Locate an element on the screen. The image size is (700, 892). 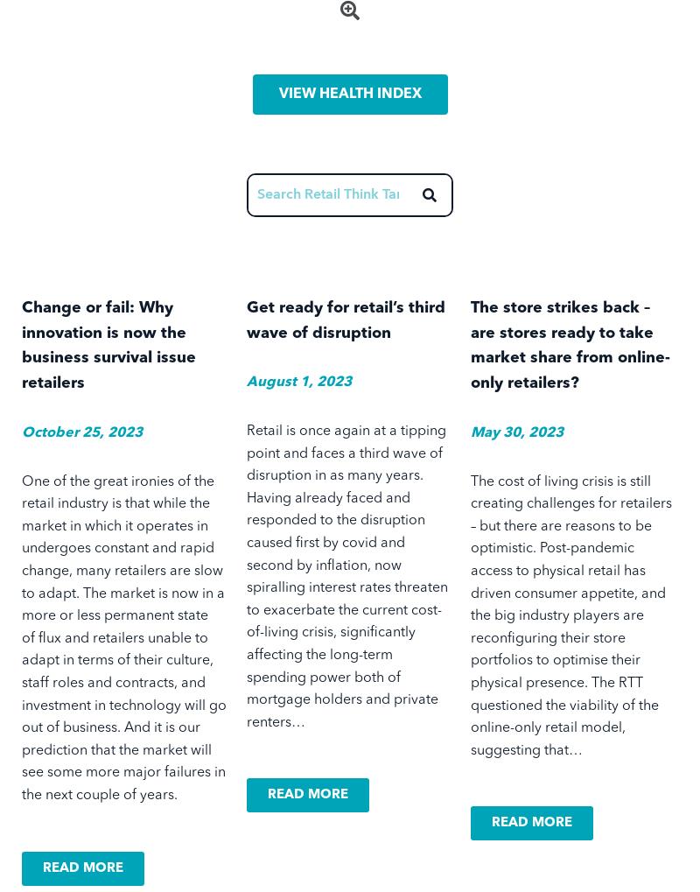
'Retail is once again at a tipping point and faces a third wave of disruption in as many years. Having already faced and responded to the disruption caused first by covid and second by inflation, now spiralling interest rates threaten to exacerbate the current cost-of-living crisis, significantly affecting the long-term spending power both of mortgage holders and private renters…' is located at coordinates (246, 575).